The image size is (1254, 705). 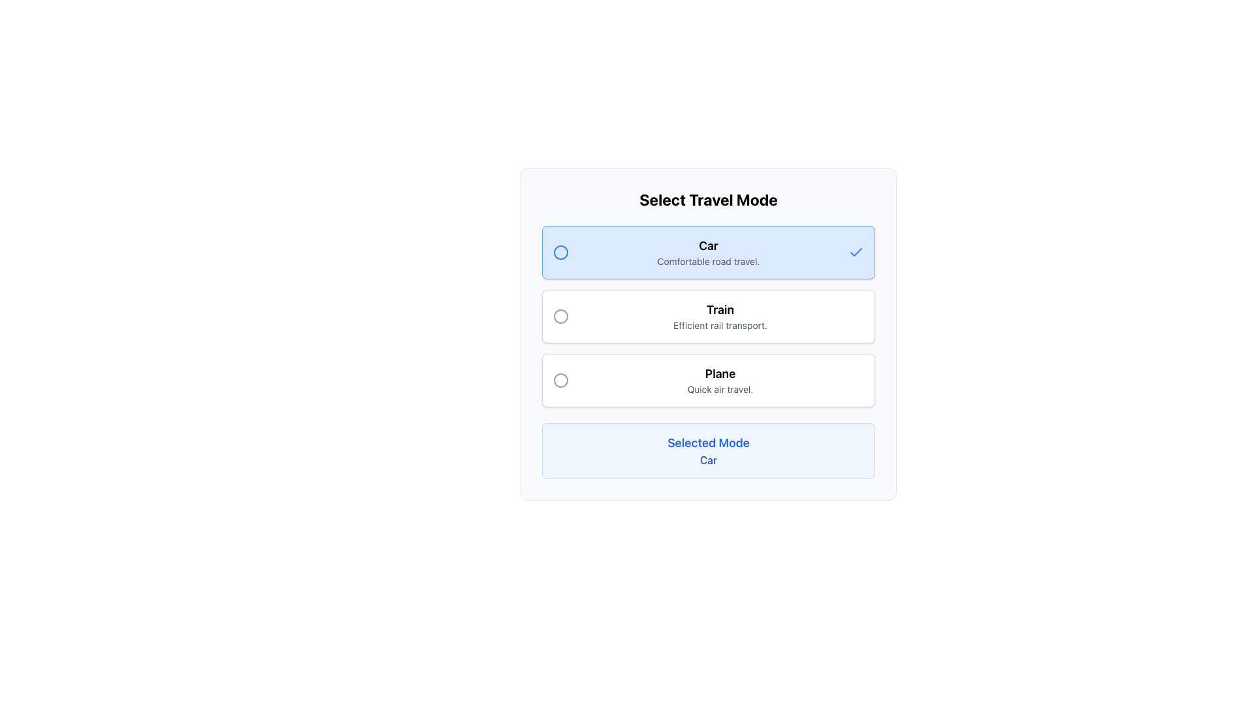 What do you see at coordinates (561, 380) in the screenshot?
I see `the unselected circular indicator icon for the 'Plane' travel mode in the 'Select Travel Mode' interface` at bounding box center [561, 380].